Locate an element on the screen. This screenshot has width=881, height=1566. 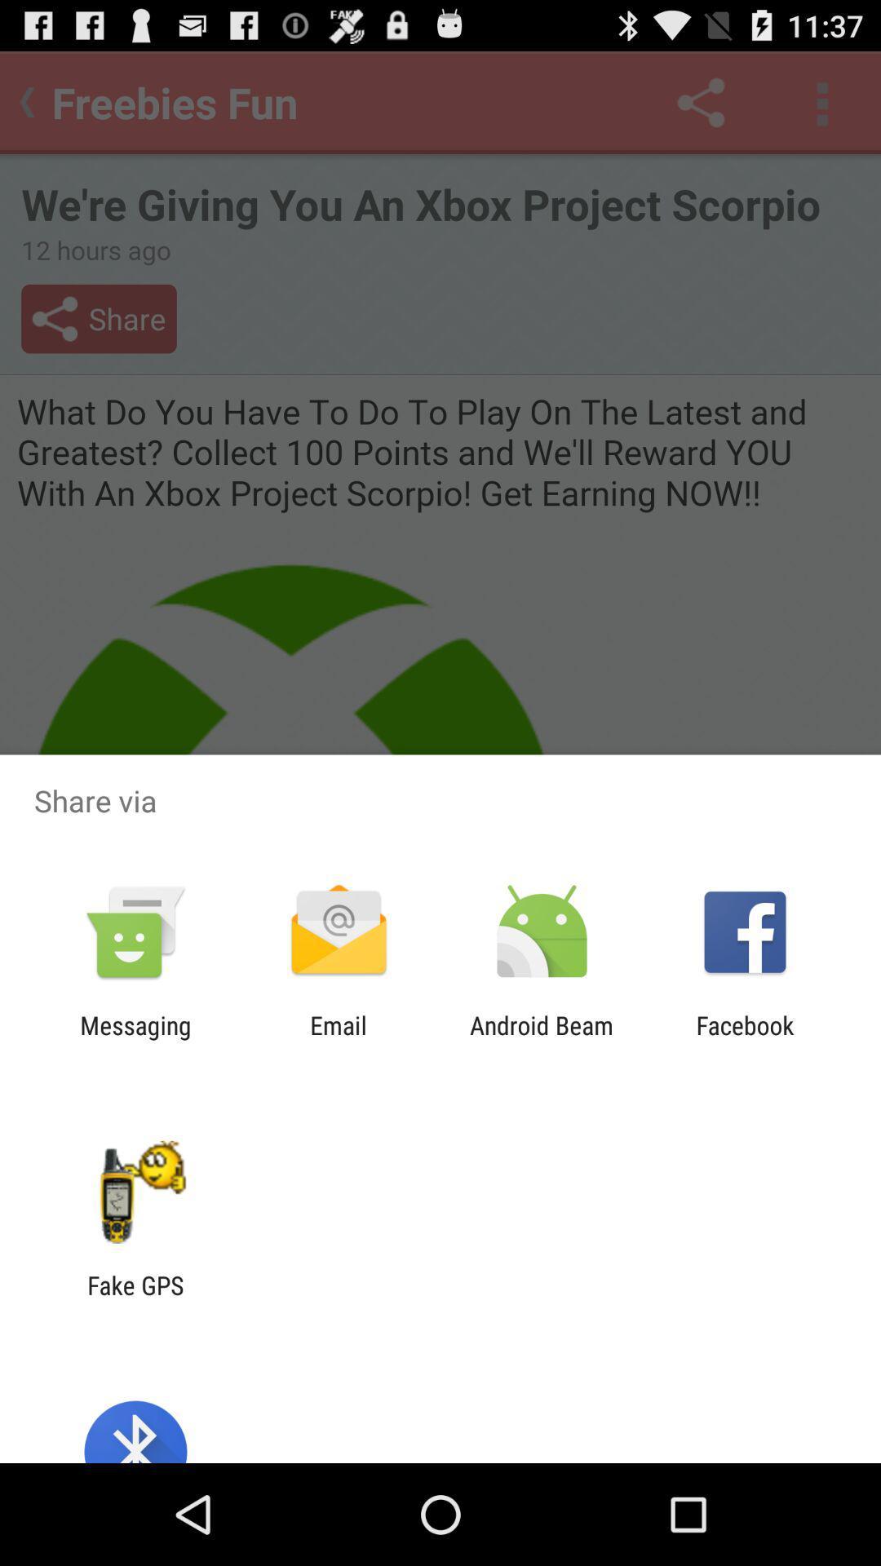
icon to the right of messaging icon is located at coordinates (338, 1039).